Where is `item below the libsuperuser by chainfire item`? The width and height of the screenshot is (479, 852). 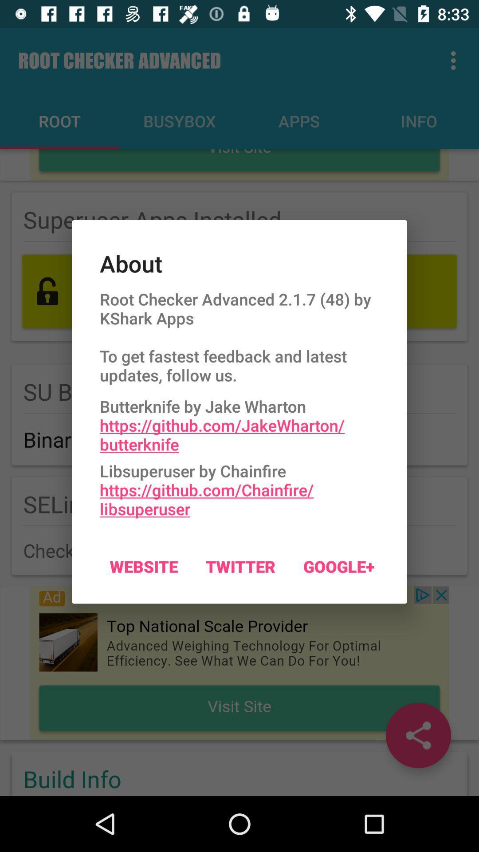 item below the libsuperuser by chainfire item is located at coordinates (339, 566).